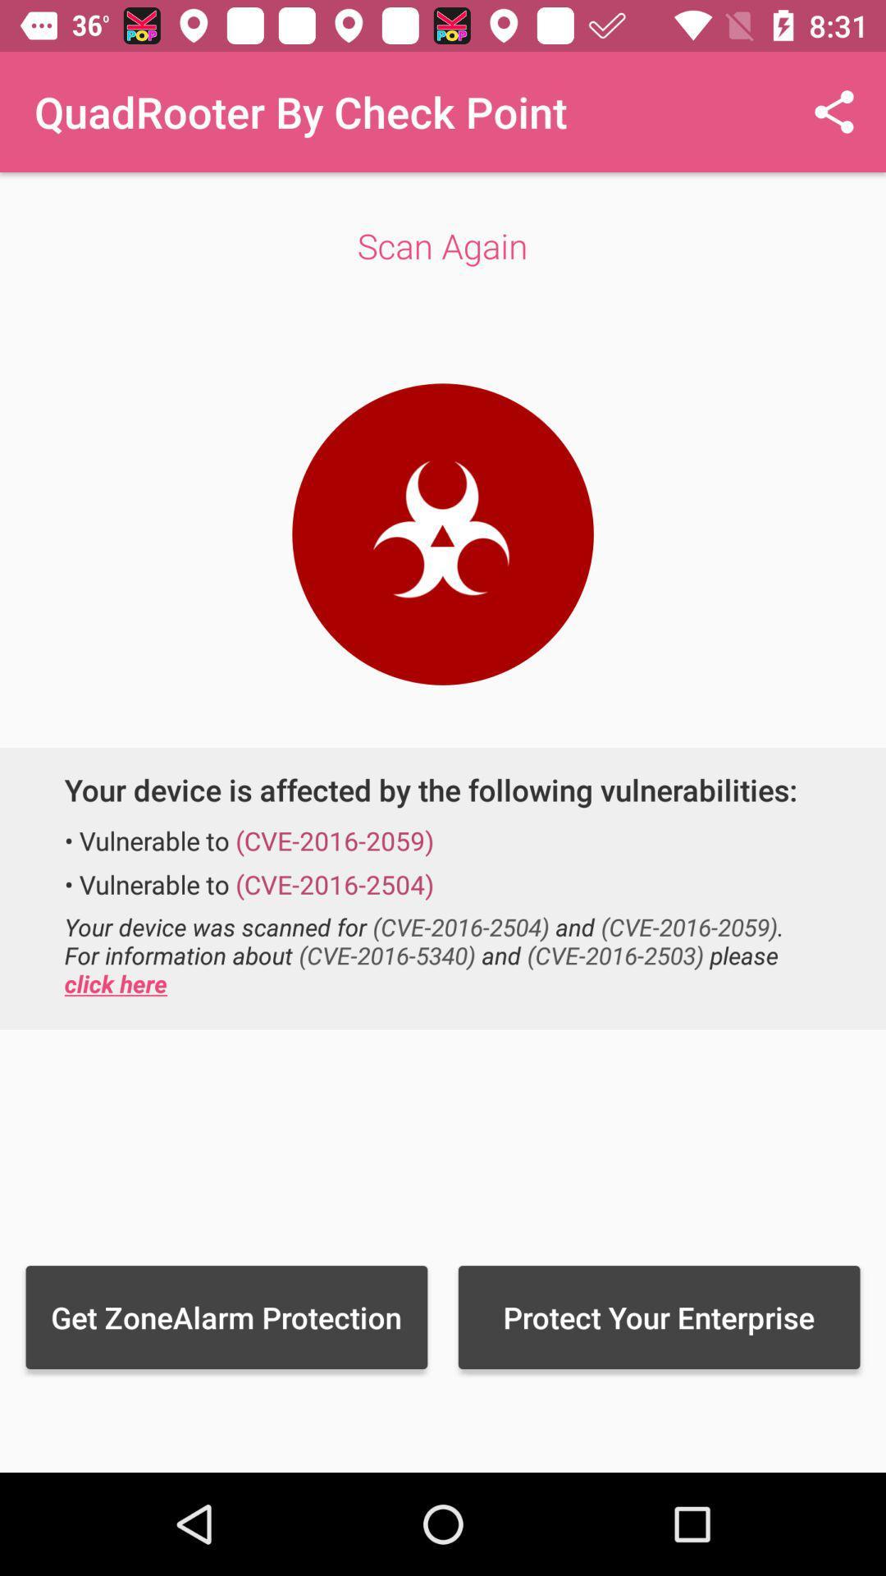 This screenshot has height=1576, width=886. What do you see at coordinates (658, 1317) in the screenshot?
I see `the protect your enterprise item` at bounding box center [658, 1317].